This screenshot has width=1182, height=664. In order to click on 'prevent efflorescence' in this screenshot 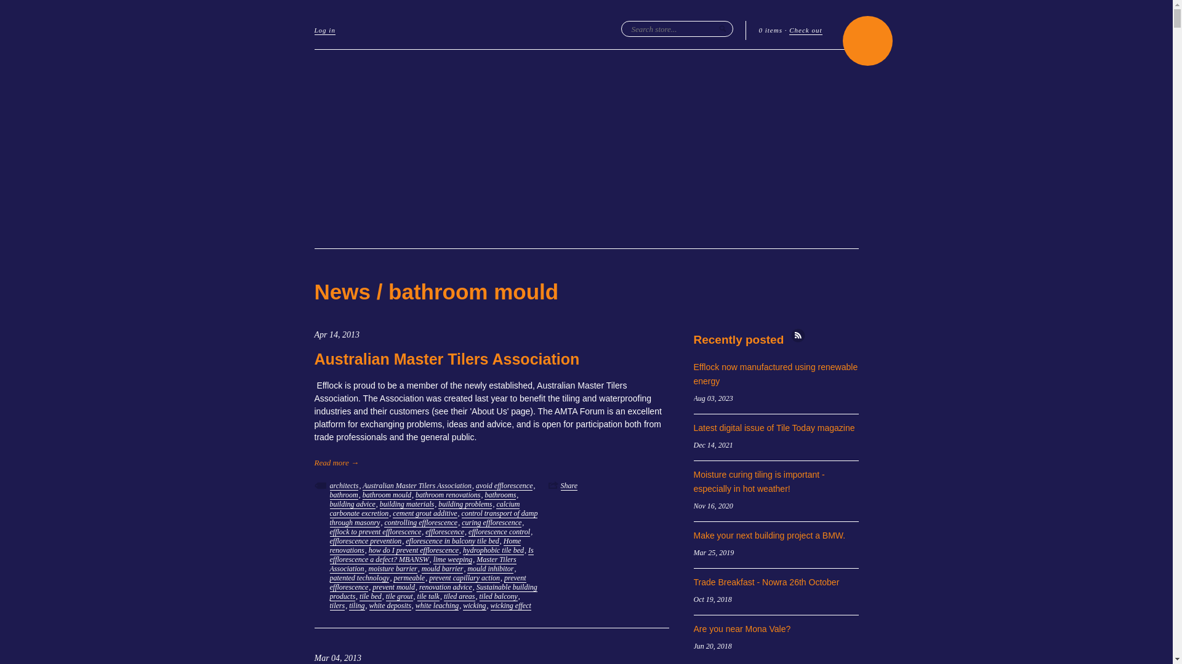, I will do `click(428, 582)`.